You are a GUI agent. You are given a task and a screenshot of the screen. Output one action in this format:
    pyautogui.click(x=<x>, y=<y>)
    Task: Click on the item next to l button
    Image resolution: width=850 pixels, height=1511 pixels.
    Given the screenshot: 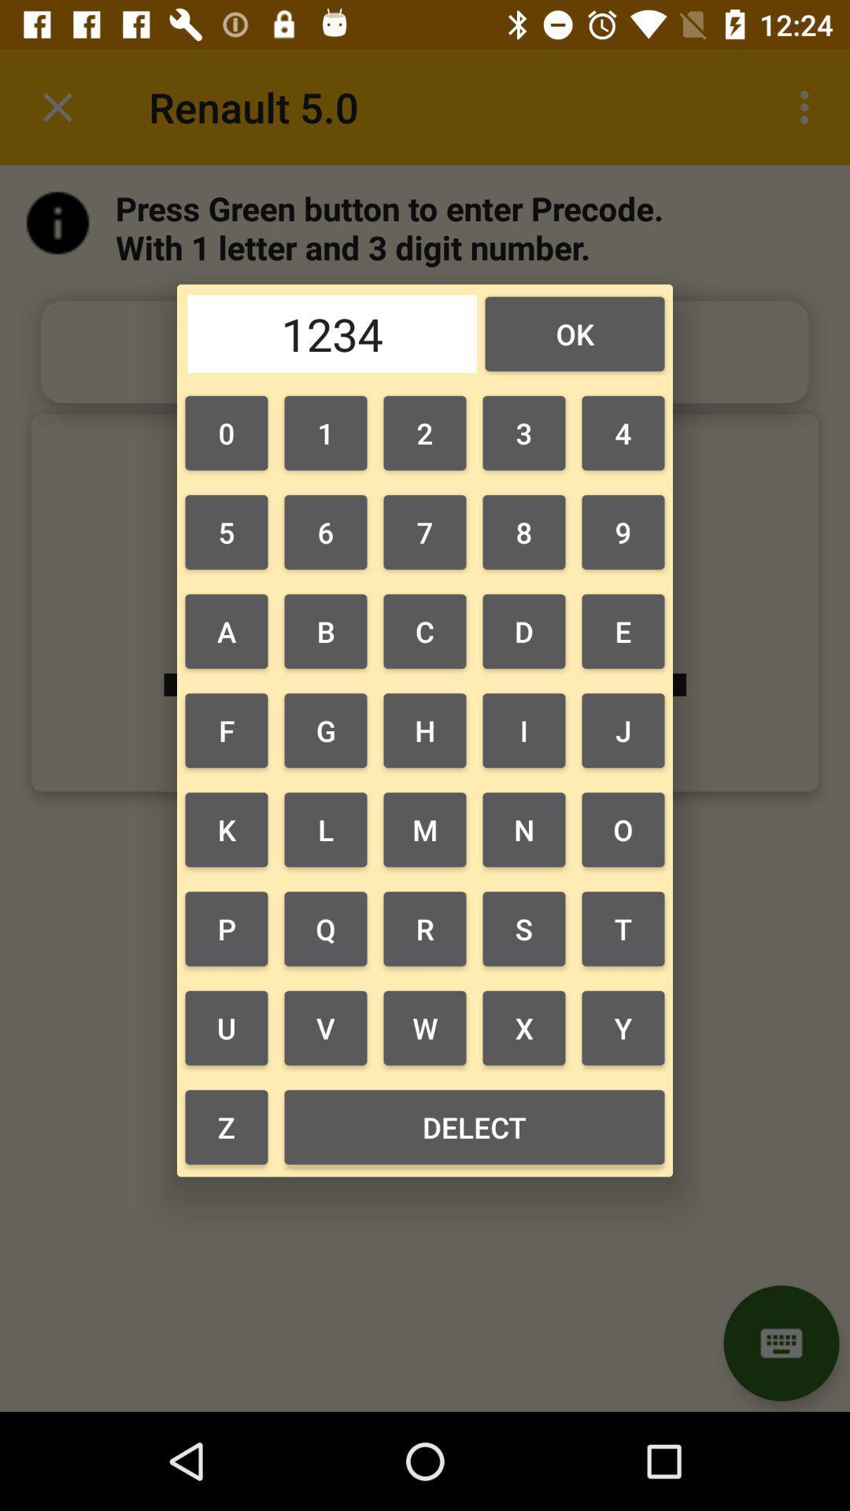 What is the action you would take?
    pyautogui.click(x=425, y=929)
    